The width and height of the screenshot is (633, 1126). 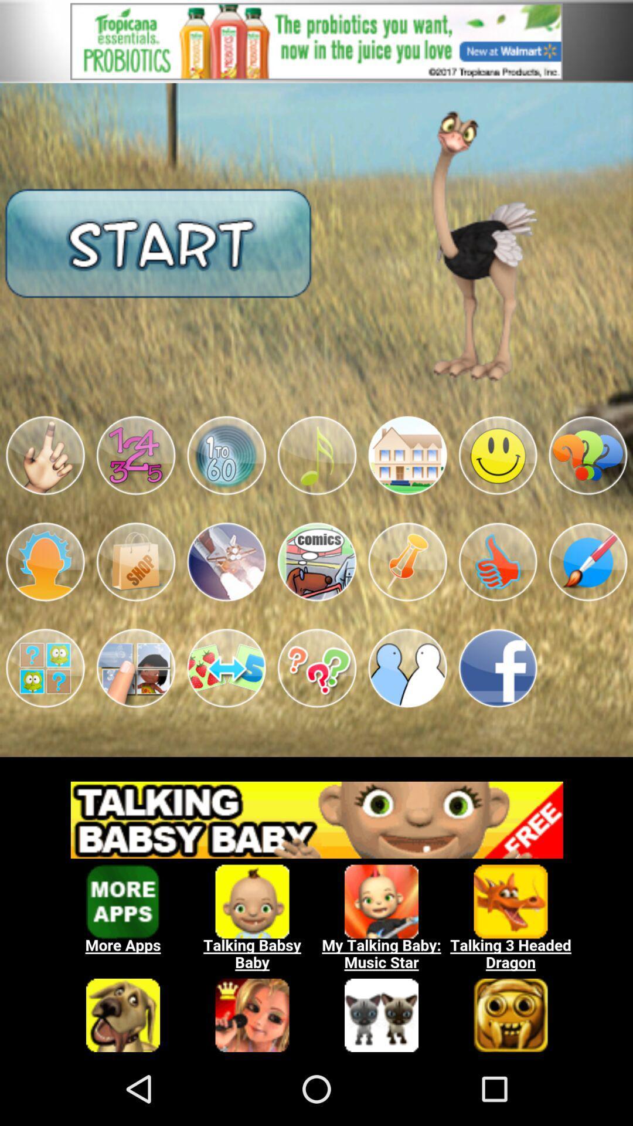 What do you see at coordinates (226, 668) in the screenshot?
I see `game icone` at bounding box center [226, 668].